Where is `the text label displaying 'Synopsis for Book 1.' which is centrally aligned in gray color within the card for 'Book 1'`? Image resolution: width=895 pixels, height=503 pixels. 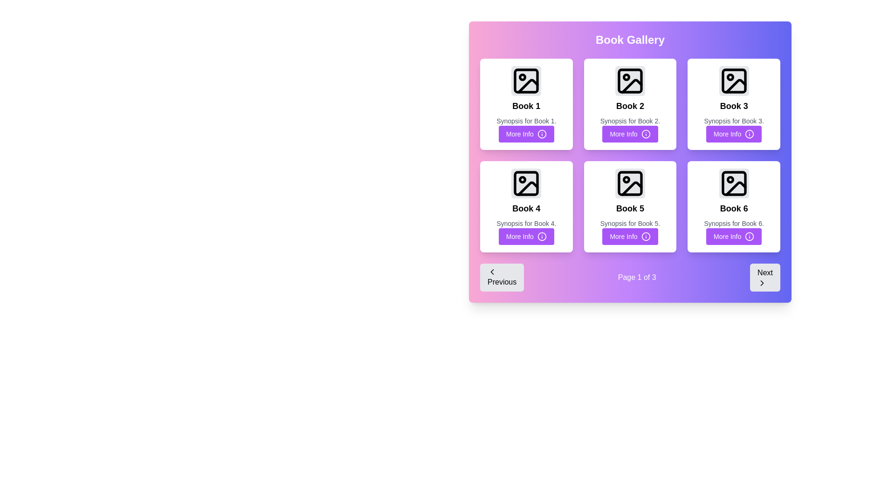
the text label displaying 'Synopsis for Book 1.' which is centrally aligned in gray color within the card for 'Book 1' is located at coordinates (526, 120).